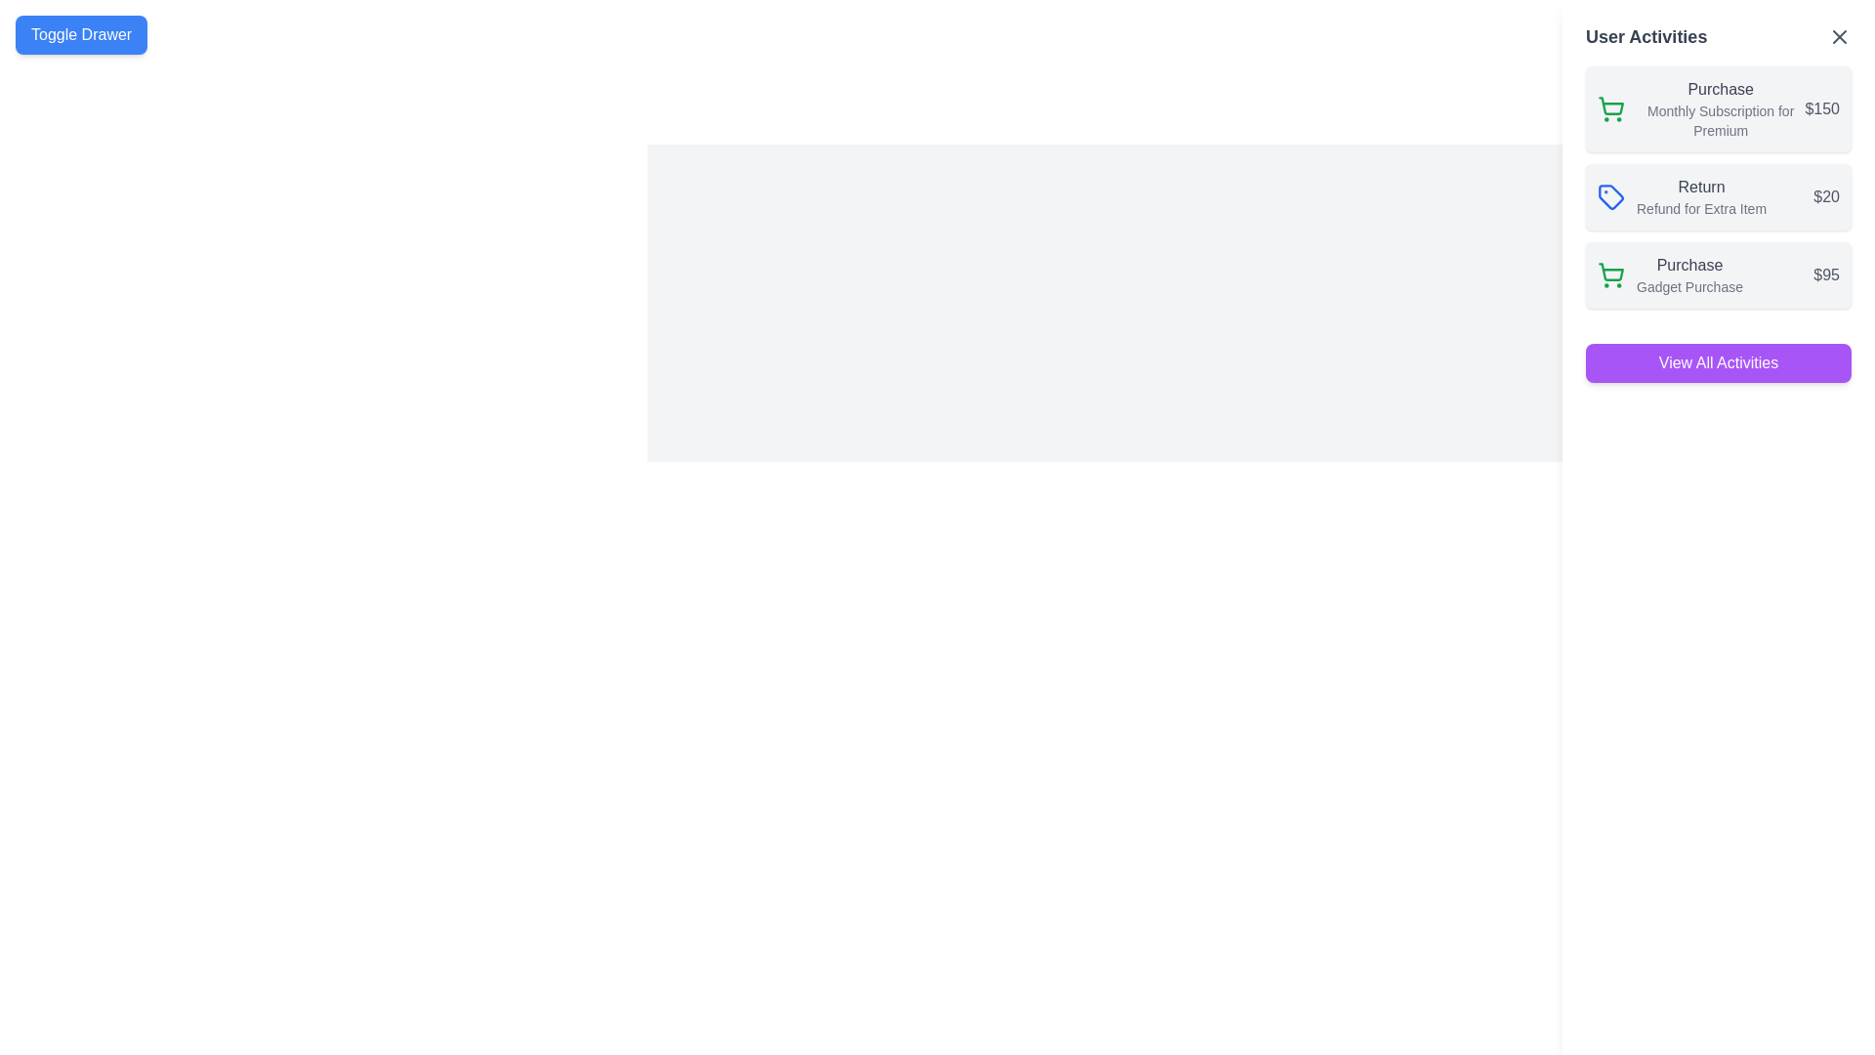 The height and width of the screenshot is (1055, 1875). Describe the element at coordinates (1646, 37) in the screenshot. I see `the static text label header that reads 'User Activities', styled as large, bold, and slightly grayish text, located at the top of the right-side panel` at that location.